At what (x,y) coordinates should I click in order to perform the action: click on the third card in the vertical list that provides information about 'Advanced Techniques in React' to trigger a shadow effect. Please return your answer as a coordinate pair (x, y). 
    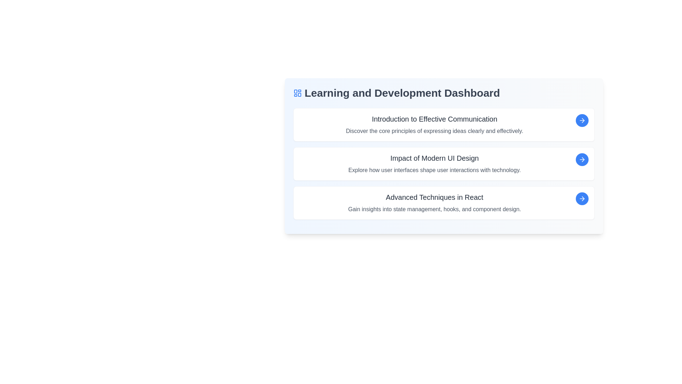
    Looking at the image, I should click on (443, 203).